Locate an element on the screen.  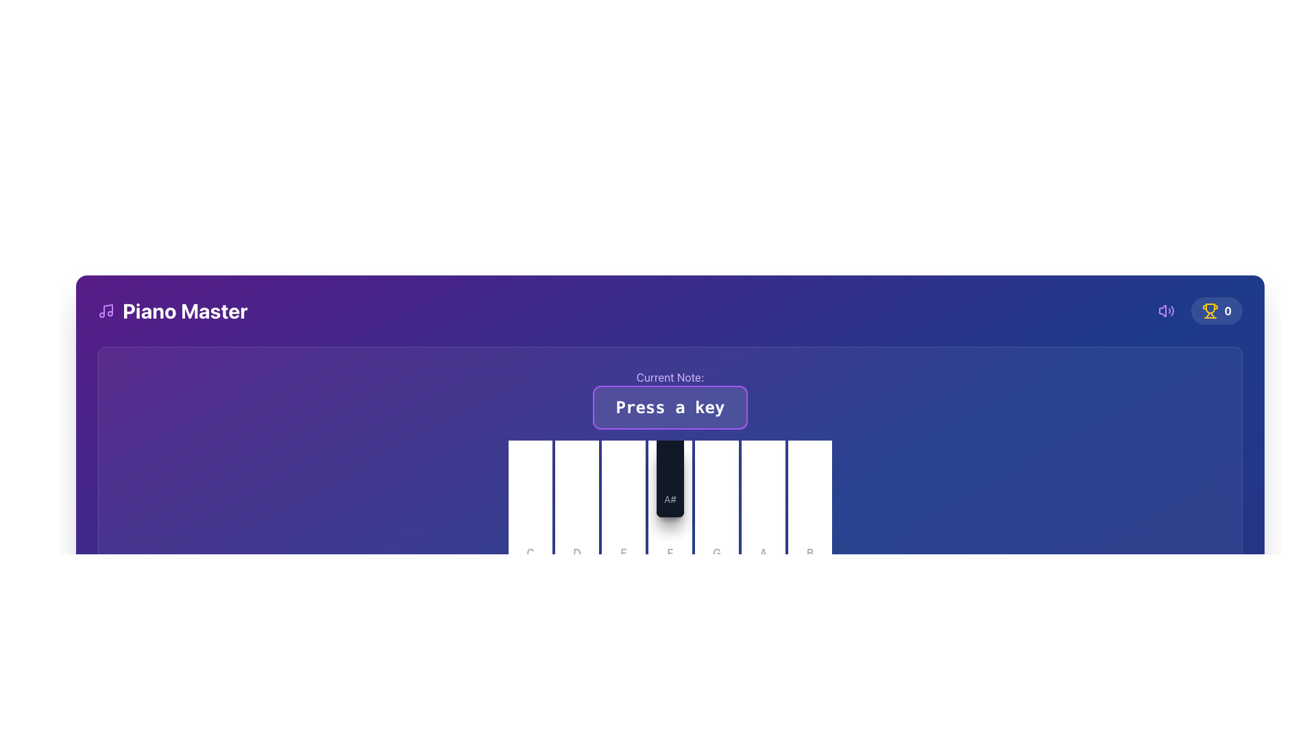
the interactive piano key representing the musical note 'A', which is the sixth key from the left in a row of white keys is located at coordinates (762, 506).